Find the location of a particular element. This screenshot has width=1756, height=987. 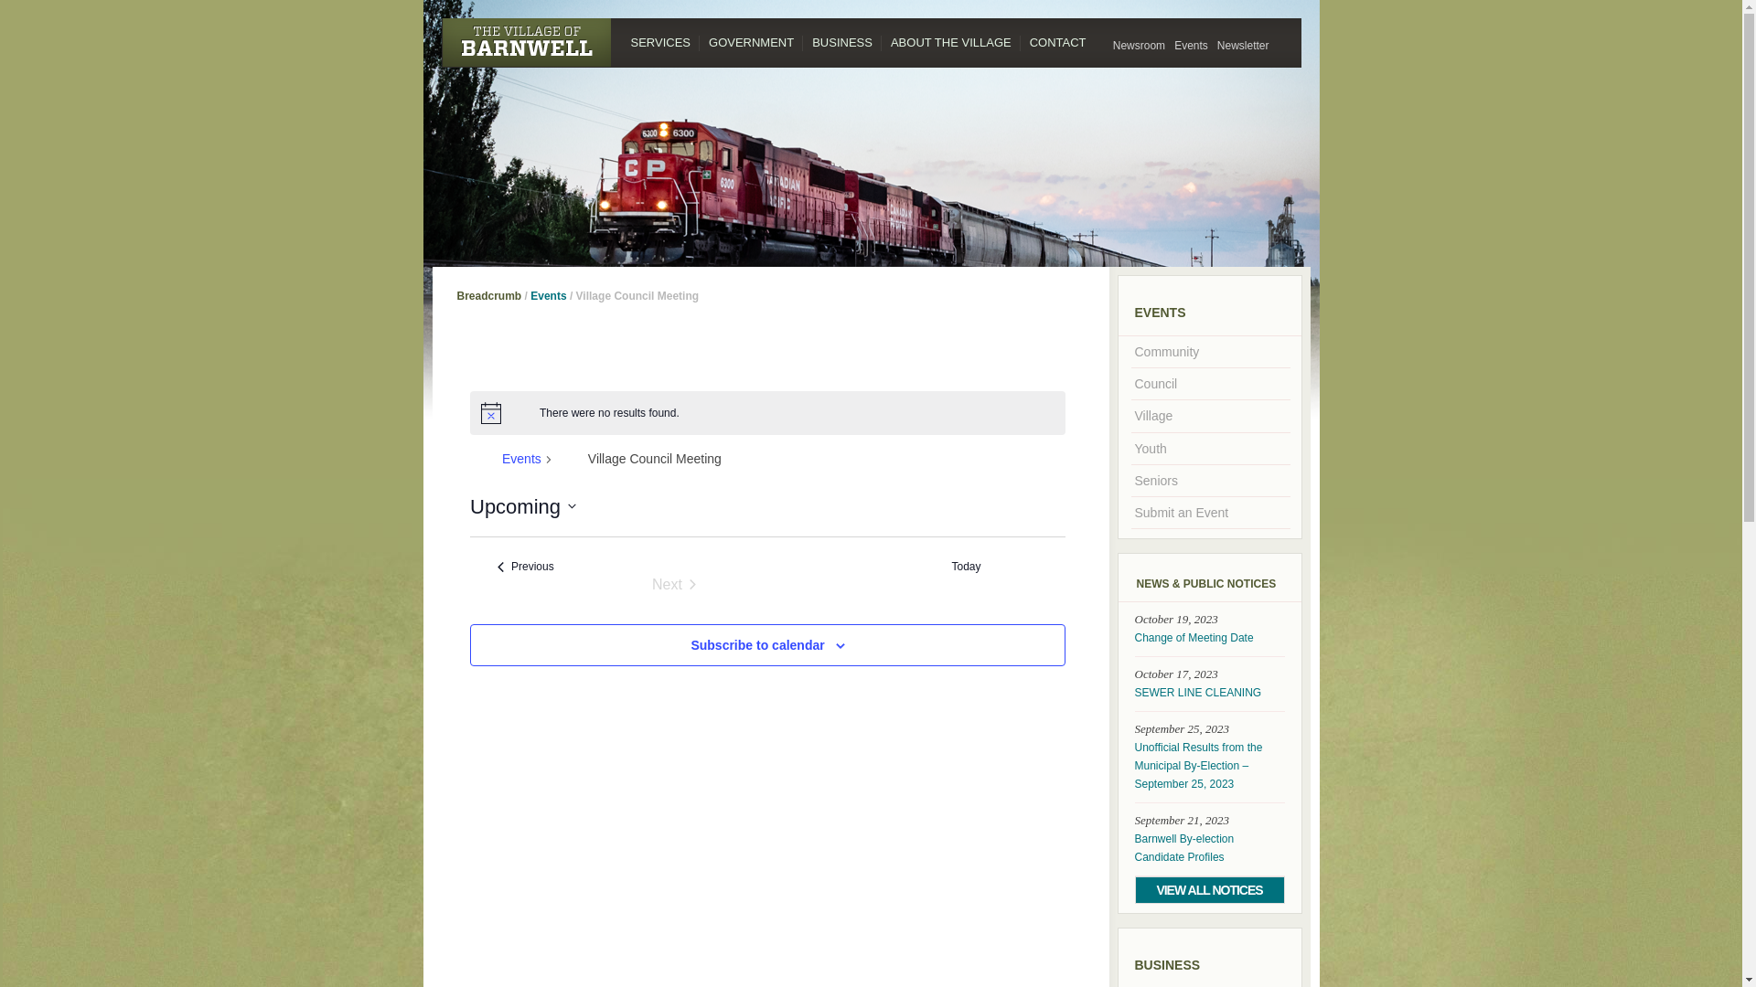

'Newsletter' is located at coordinates (1212, 45).